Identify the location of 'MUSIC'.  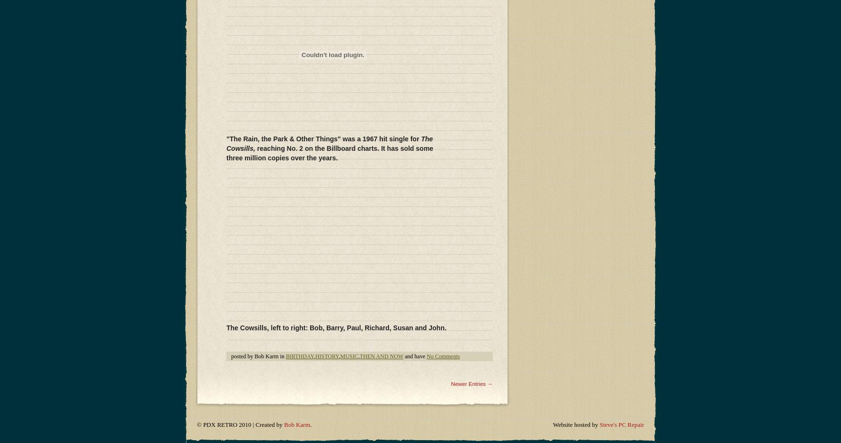
(349, 121).